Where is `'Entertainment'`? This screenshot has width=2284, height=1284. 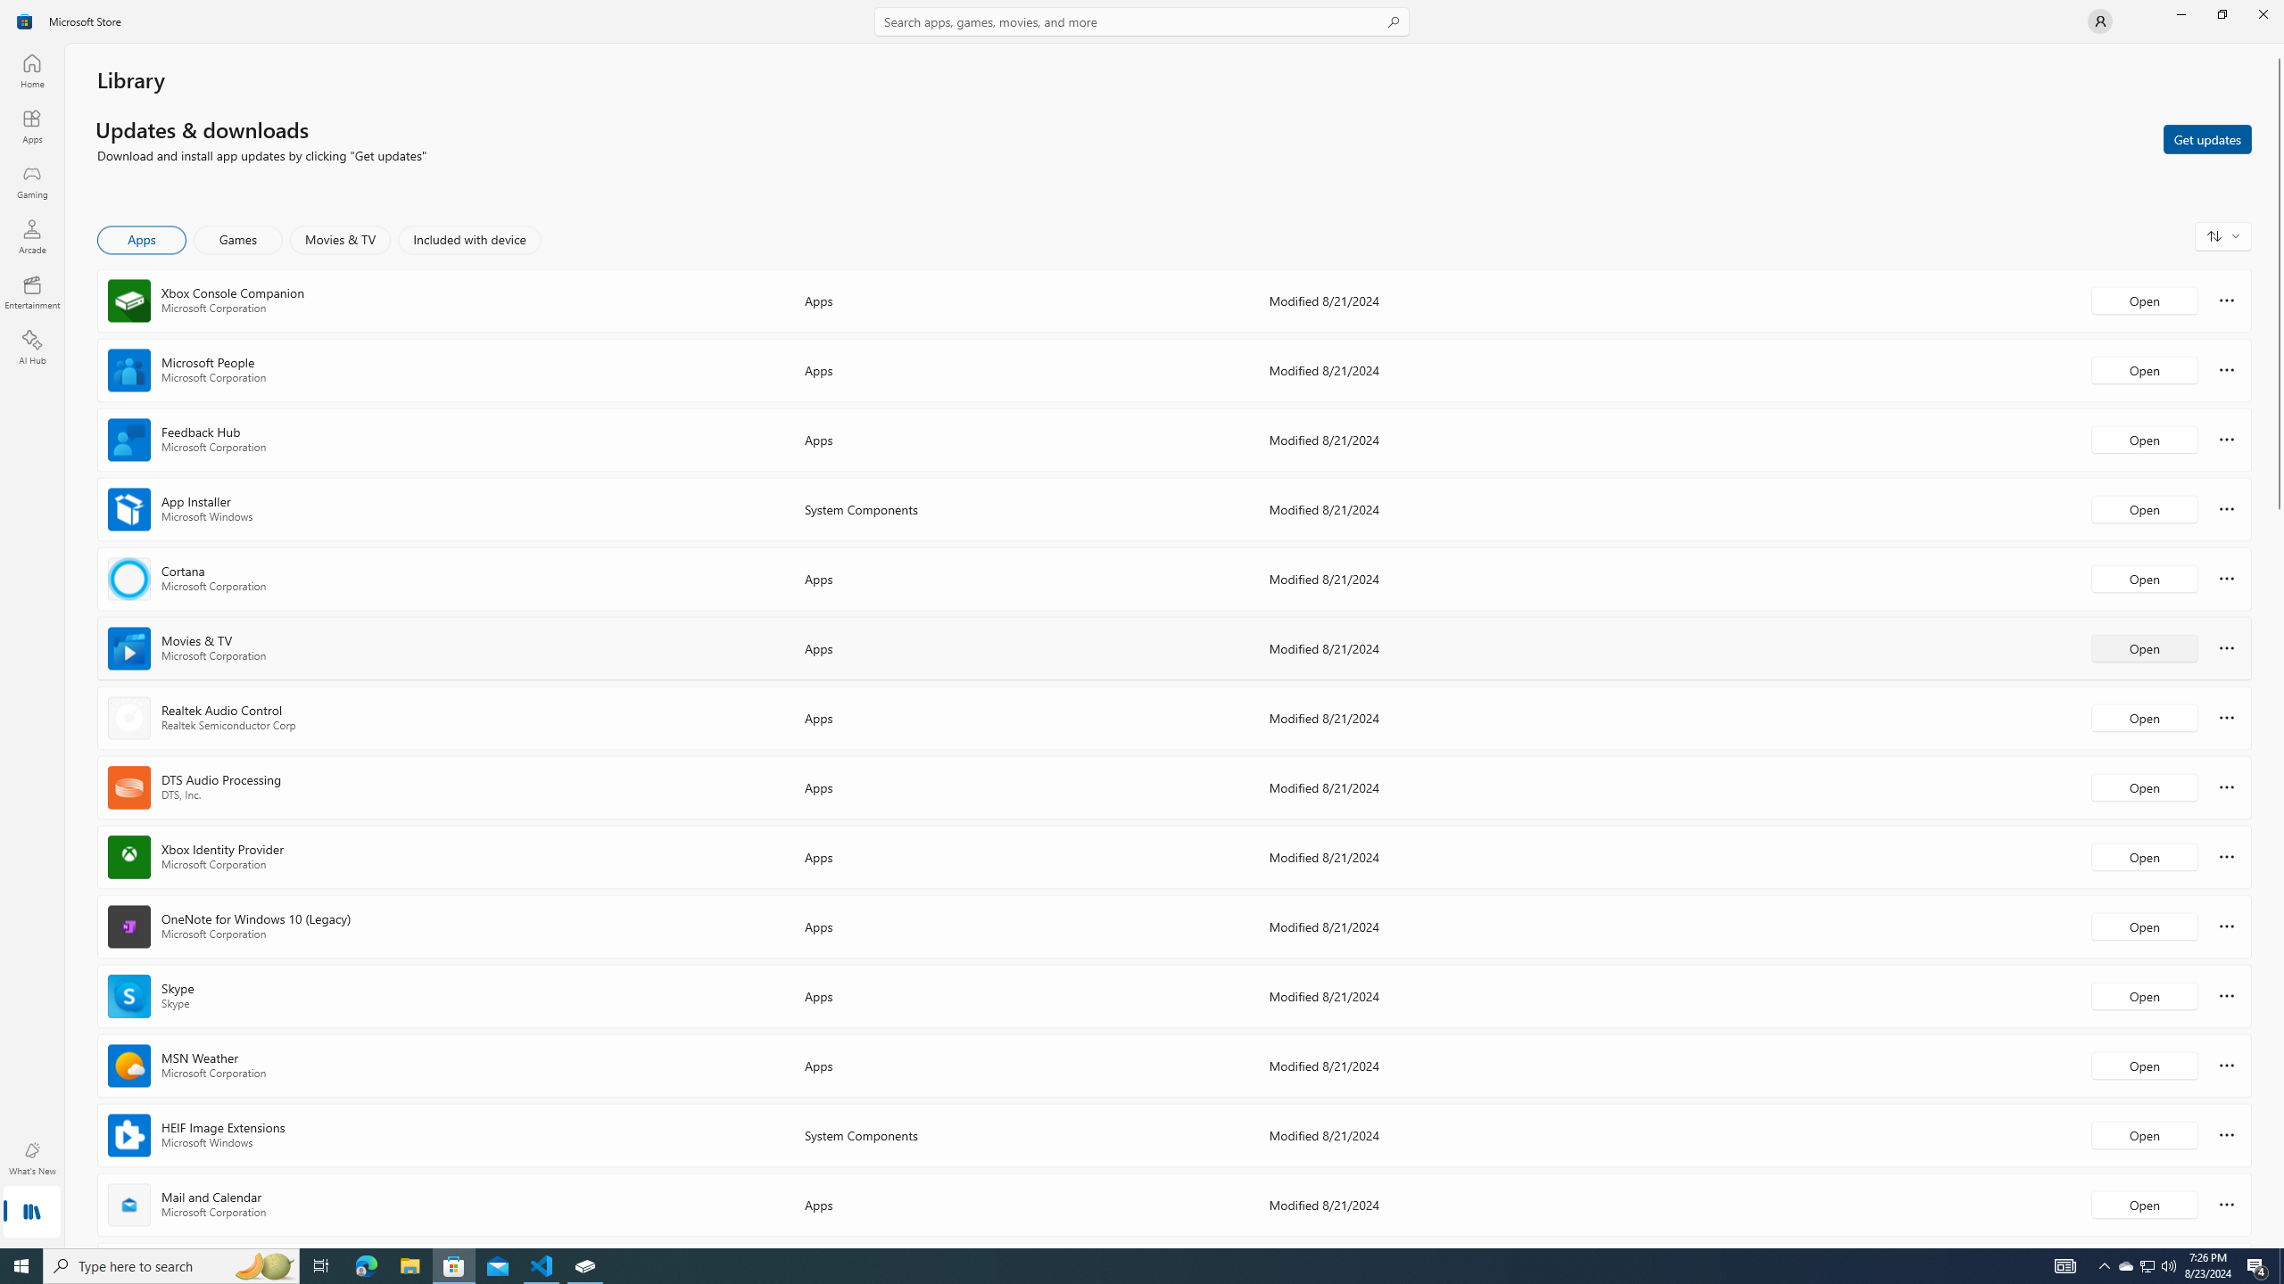
'Entertainment' is located at coordinates (30, 291).